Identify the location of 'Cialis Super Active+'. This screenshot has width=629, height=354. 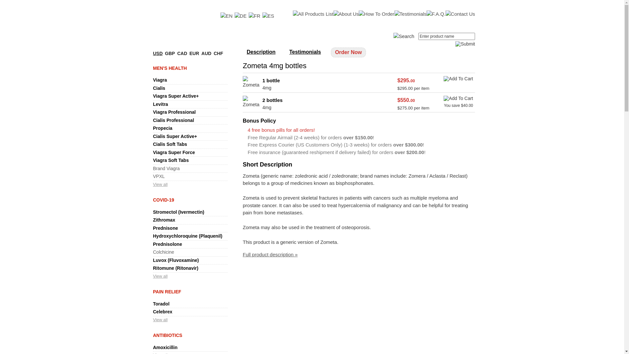
(175, 136).